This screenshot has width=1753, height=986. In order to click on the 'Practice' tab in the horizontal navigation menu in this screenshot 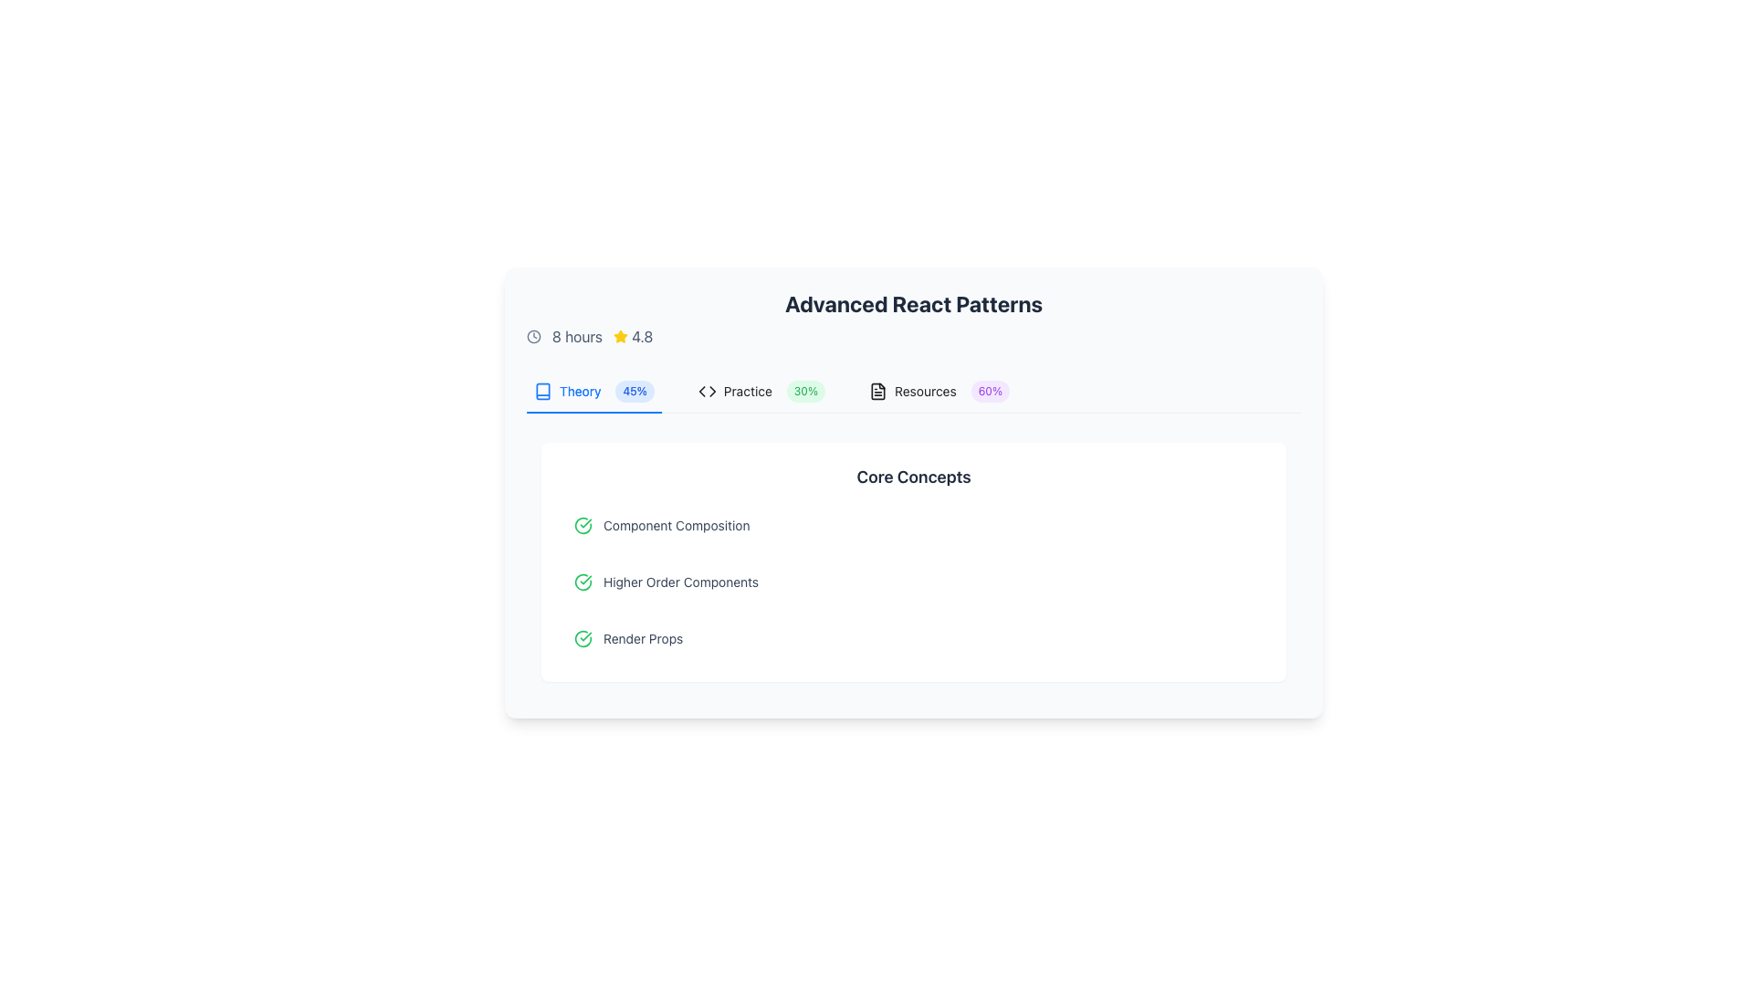, I will do `click(761, 390)`.